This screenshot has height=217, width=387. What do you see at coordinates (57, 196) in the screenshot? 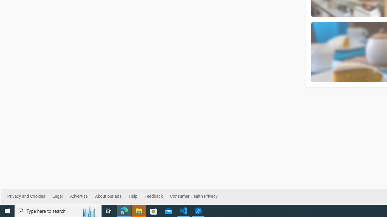
I see `'Legal'` at bounding box center [57, 196].